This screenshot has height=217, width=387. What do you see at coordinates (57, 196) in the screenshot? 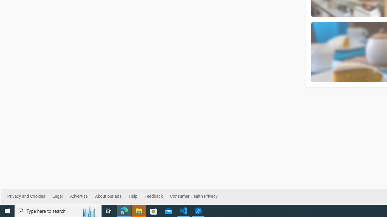
I see `'Legal'` at bounding box center [57, 196].